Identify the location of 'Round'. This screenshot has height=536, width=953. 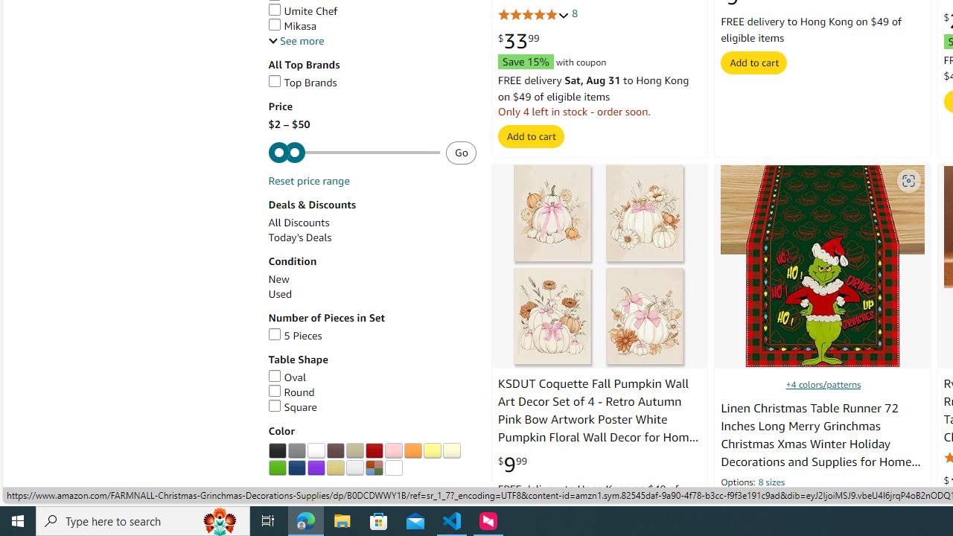
(291, 392).